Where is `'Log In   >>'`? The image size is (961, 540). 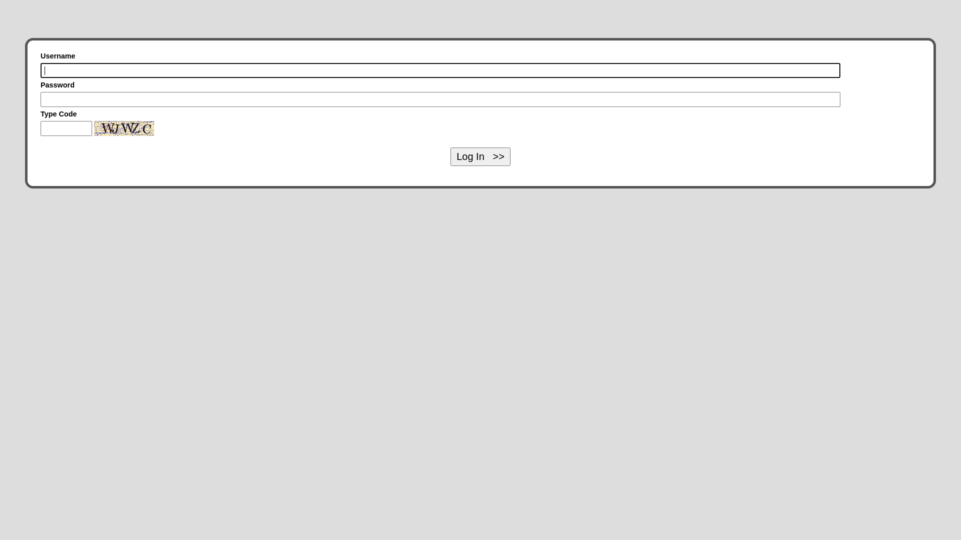 'Log In   >>' is located at coordinates (450, 156).